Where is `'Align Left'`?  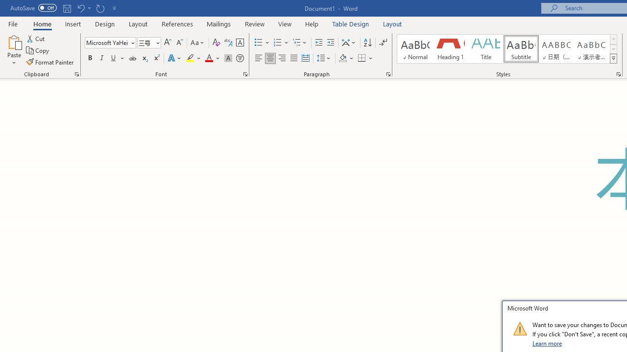 'Align Left' is located at coordinates (259, 58).